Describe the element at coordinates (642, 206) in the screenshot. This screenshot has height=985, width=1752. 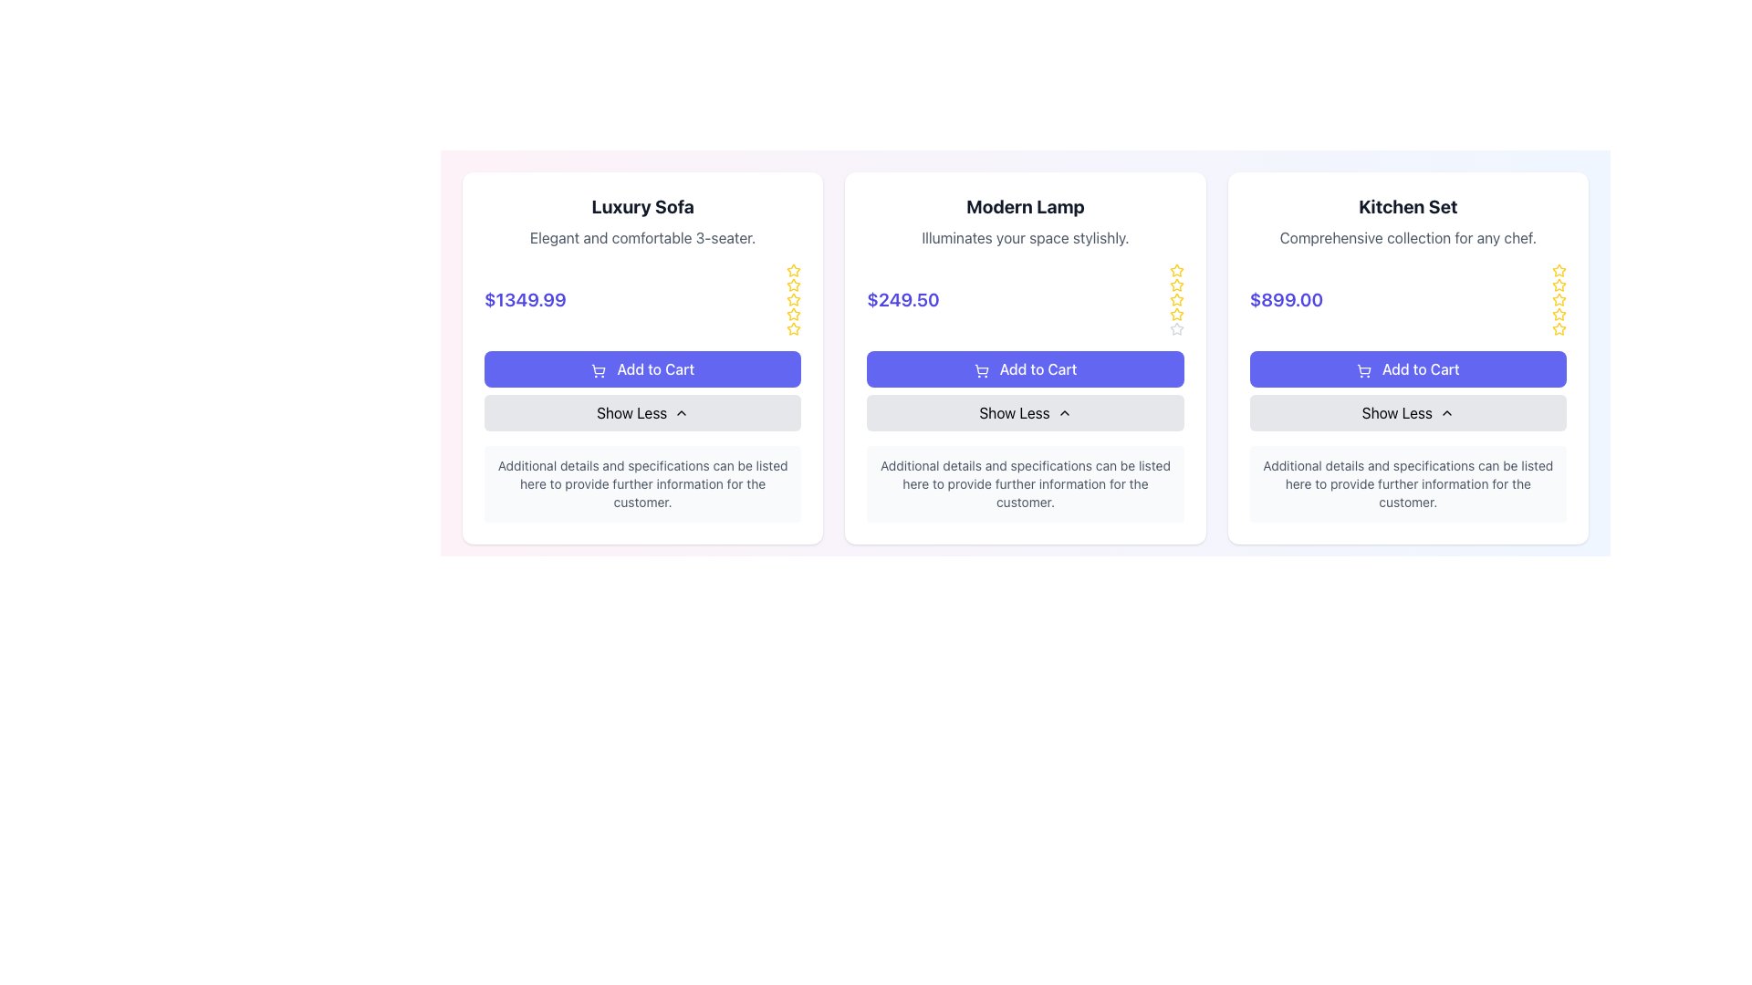
I see `text from the 'Luxury Sofa' label, which is a prominent text element at the top of the product card for a luxury sofa` at that location.